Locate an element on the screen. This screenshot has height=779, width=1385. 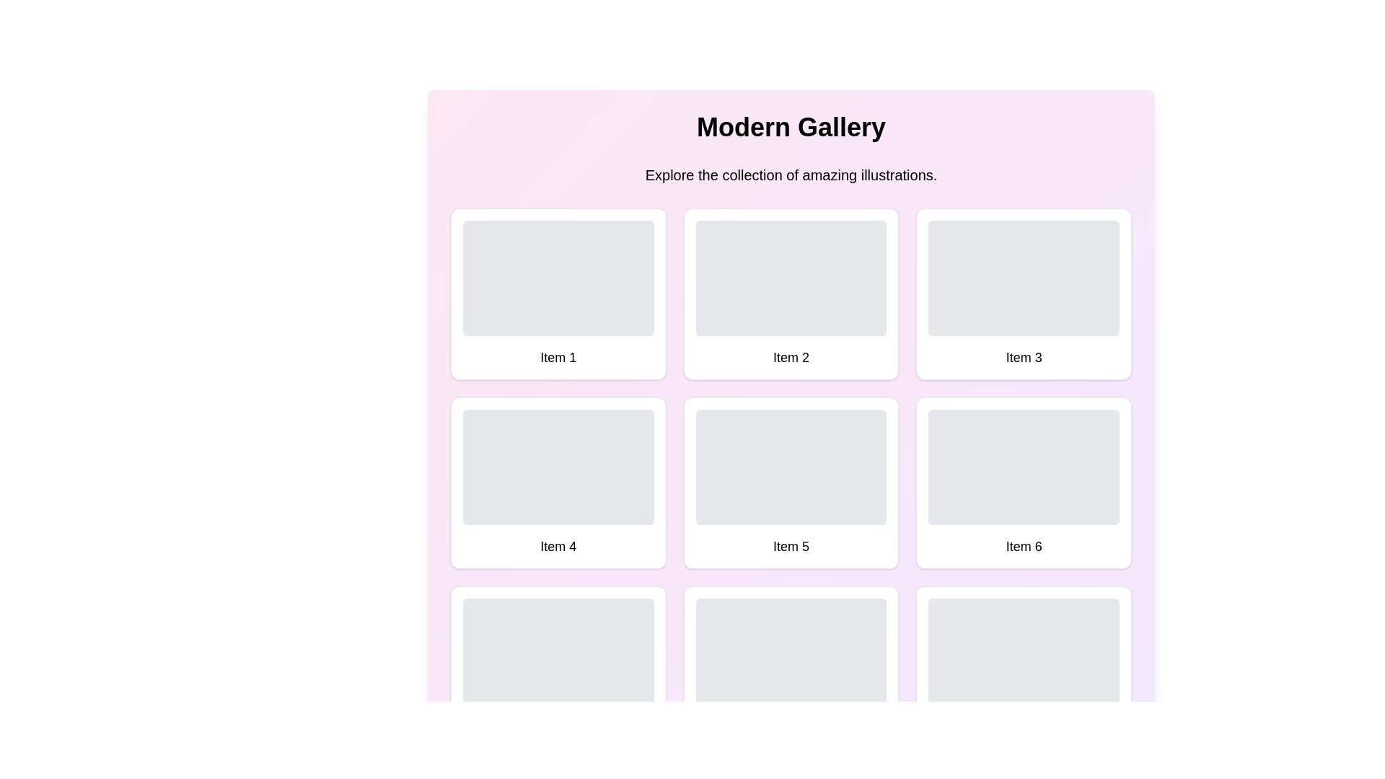
the Placeholder block located in the upper portion of the card labeled 'Item 6', positioned in the bottom-right corner of the 3x2 grid layout is located at coordinates (1023, 467).